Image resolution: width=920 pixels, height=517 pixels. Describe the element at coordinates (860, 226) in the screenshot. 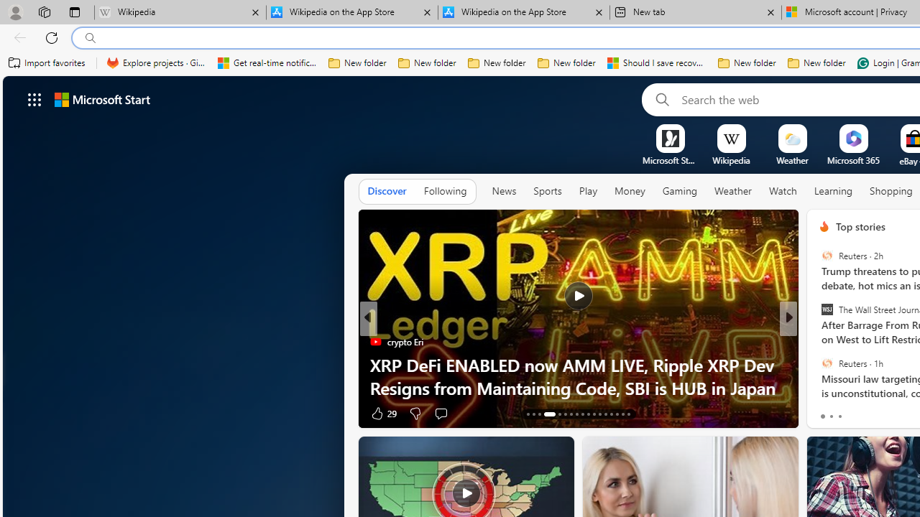

I see `'Top stories'` at that location.